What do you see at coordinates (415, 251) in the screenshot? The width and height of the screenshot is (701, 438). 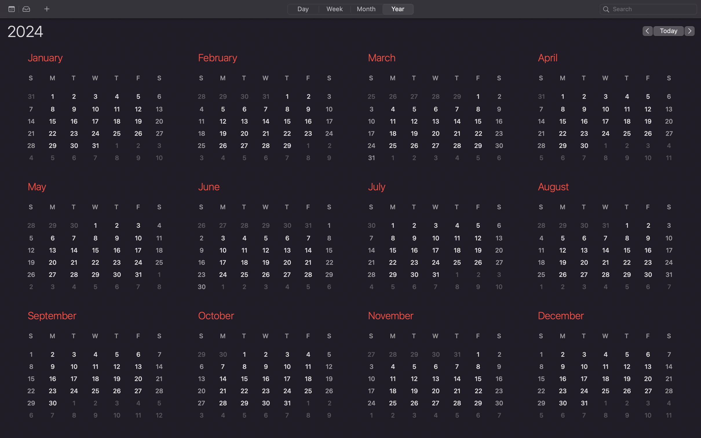 I see `the 16th of July on the calendar` at bounding box center [415, 251].